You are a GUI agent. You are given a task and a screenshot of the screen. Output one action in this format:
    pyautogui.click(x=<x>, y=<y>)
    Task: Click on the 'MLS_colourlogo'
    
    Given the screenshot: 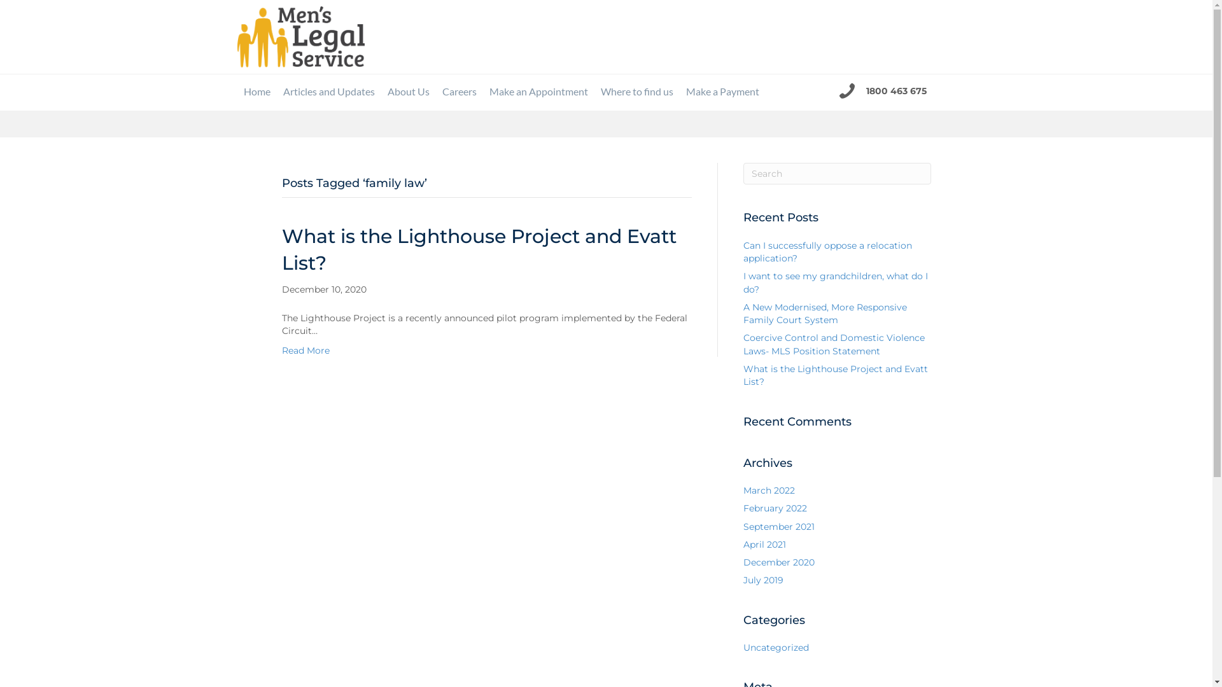 What is the action you would take?
    pyautogui.click(x=299, y=36)
    